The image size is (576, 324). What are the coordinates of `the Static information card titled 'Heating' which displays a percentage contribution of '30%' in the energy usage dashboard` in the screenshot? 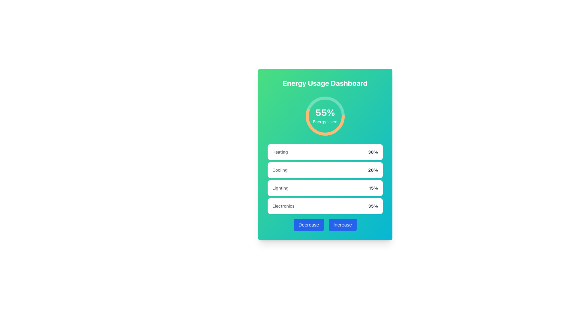 It's located at (325, 151).